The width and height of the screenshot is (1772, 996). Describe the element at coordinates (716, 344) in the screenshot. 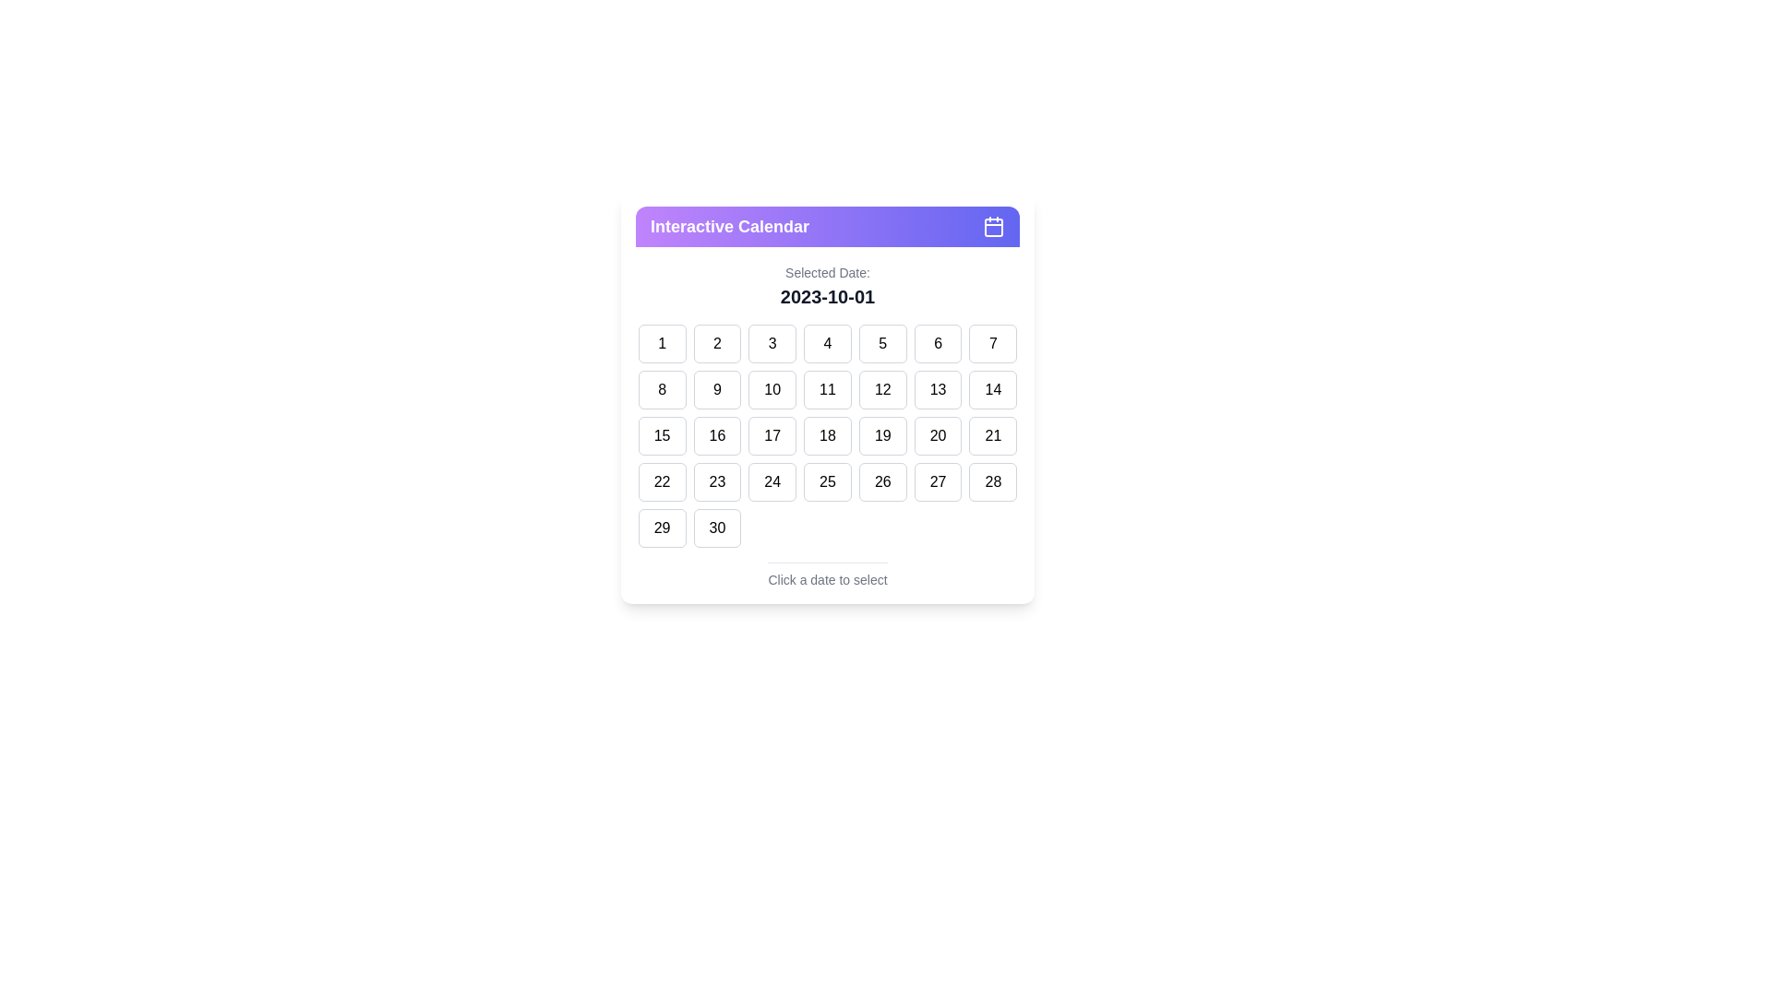

I see `the button displaying the numeral '2' to change its background color as indicated by the hover class` at that location.